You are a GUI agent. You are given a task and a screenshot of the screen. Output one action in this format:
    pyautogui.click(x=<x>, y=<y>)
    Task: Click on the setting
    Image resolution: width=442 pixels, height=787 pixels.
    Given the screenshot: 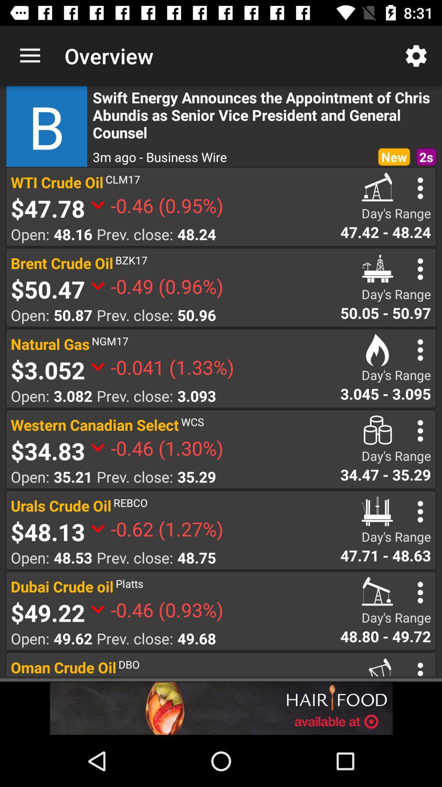 What is the action you would take?
    pyautogui.click(x=420, y=269)
    